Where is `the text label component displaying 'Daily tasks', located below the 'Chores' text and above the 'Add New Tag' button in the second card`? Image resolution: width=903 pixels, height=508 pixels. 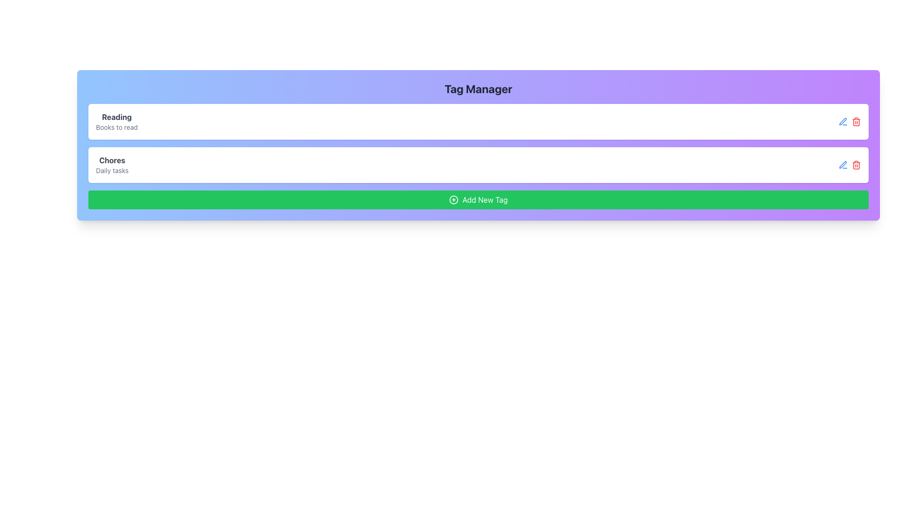
the text label component displaying 'Daily tasks', located below the 'Chores' text and above the 'Add New Tag' button in the second card is located at coordinates (112, 170).